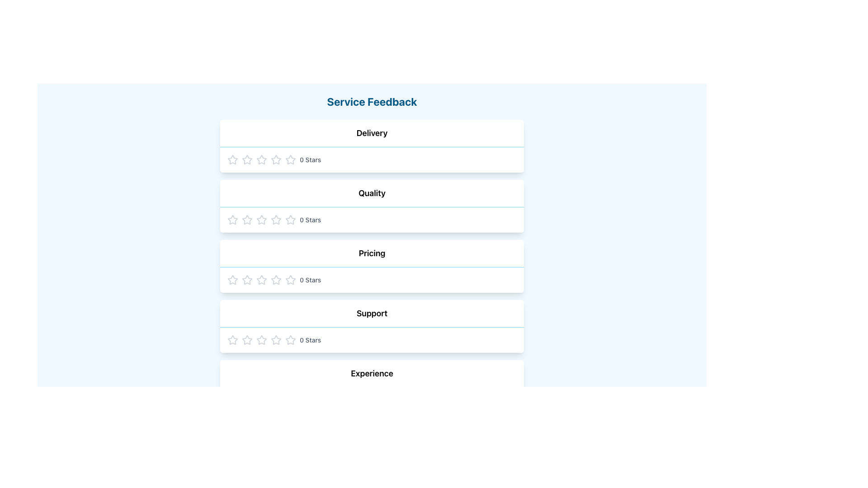 The image size is (868, 488). What do you see at coordinates (372, 266) in the screenshot?
I see `the stars in the 'Pricing' rating card` at bounding box center [372, 266].